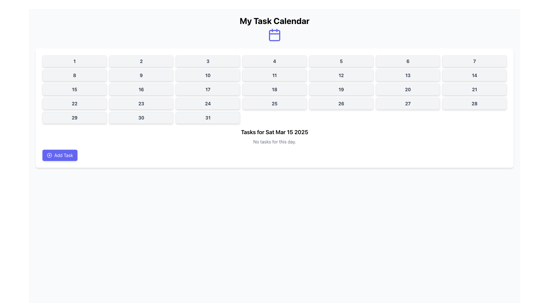 The image size is (543, 305). I want to click on the interactive button representing the date, so click(207, 89).